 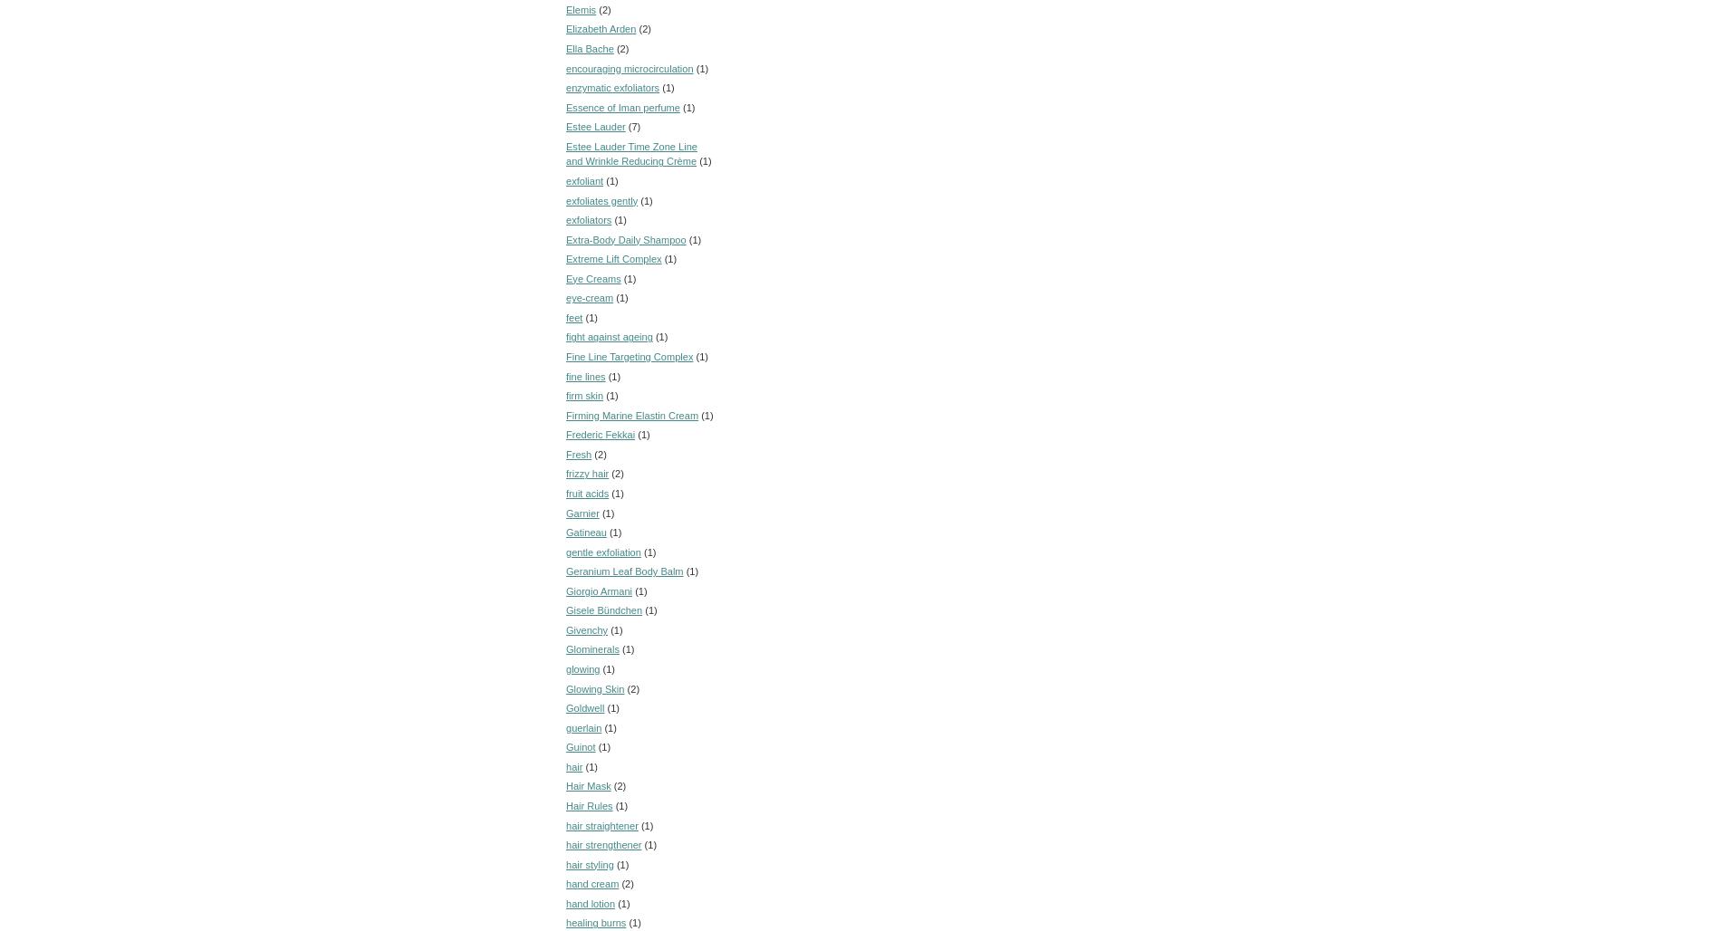 What do you see at coordinates (603, 845) in the screenshot?
I see `'hair strengthener'` at bounding box center [603, 845].